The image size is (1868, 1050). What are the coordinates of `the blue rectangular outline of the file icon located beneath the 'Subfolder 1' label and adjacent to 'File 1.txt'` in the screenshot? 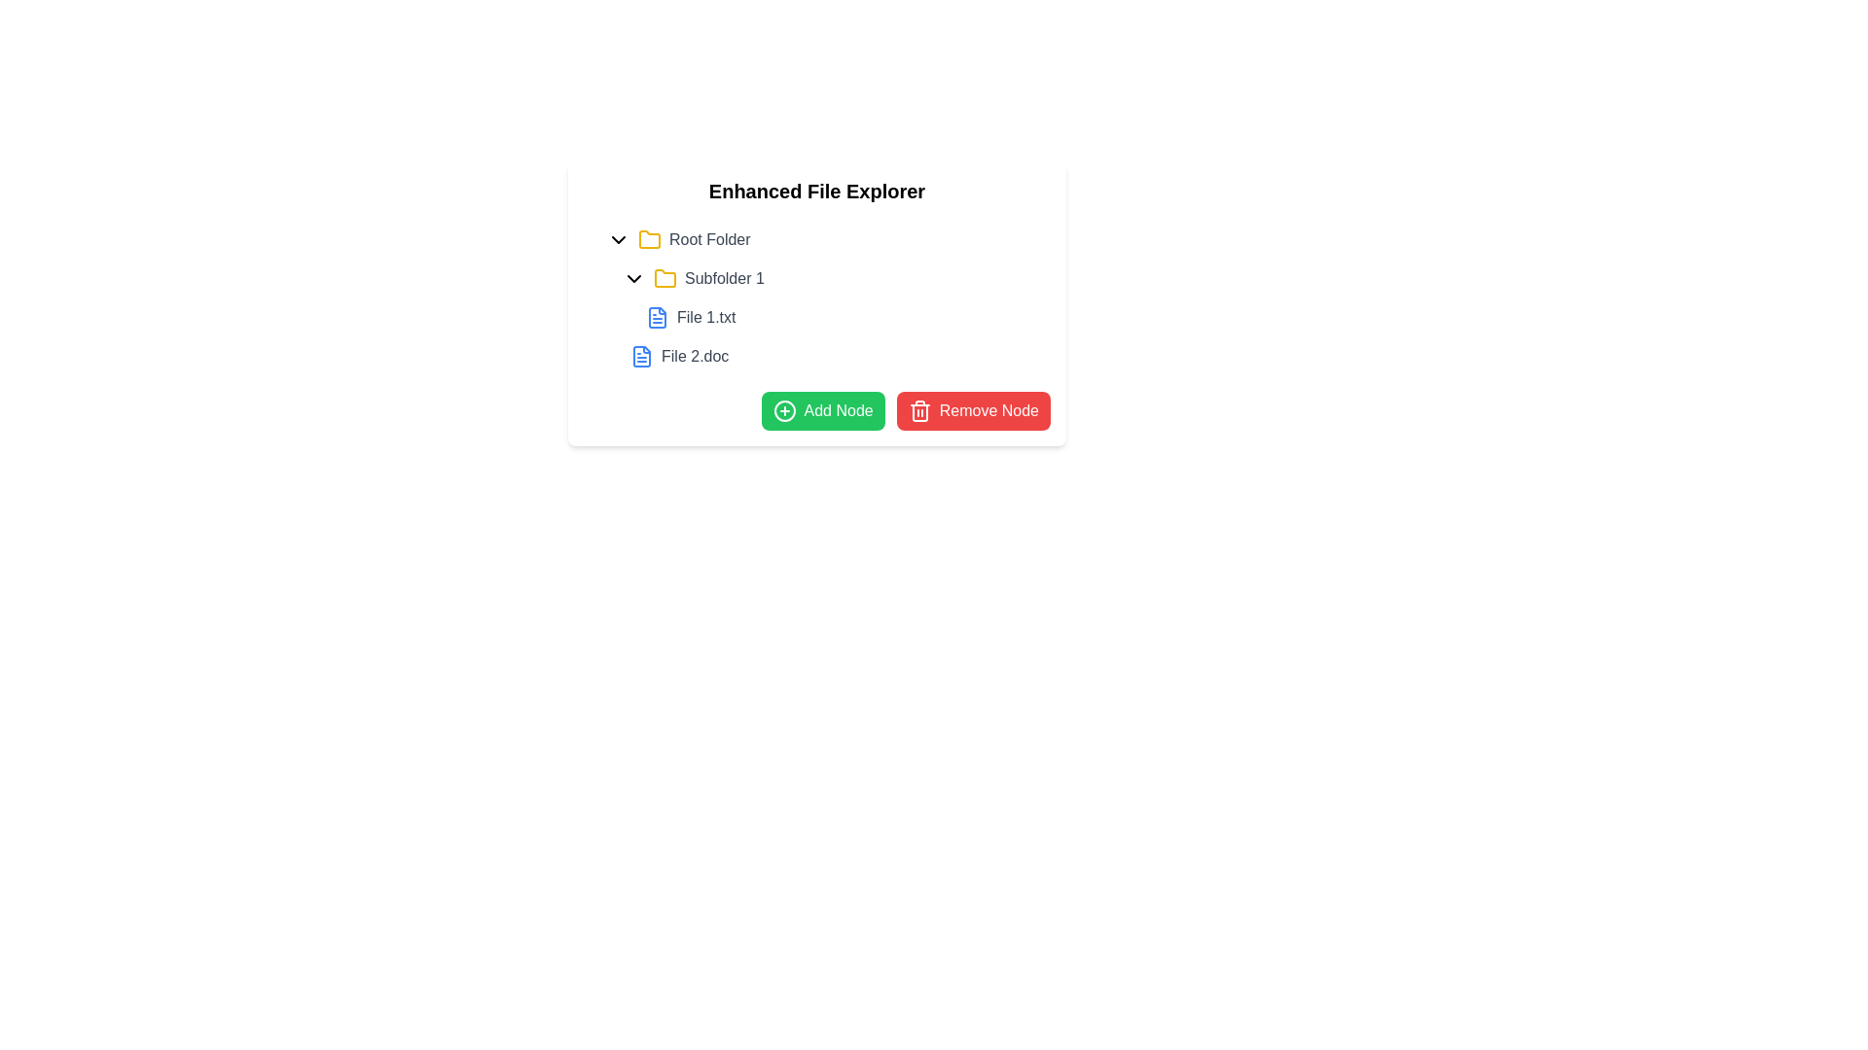 It's located at (658, 317).